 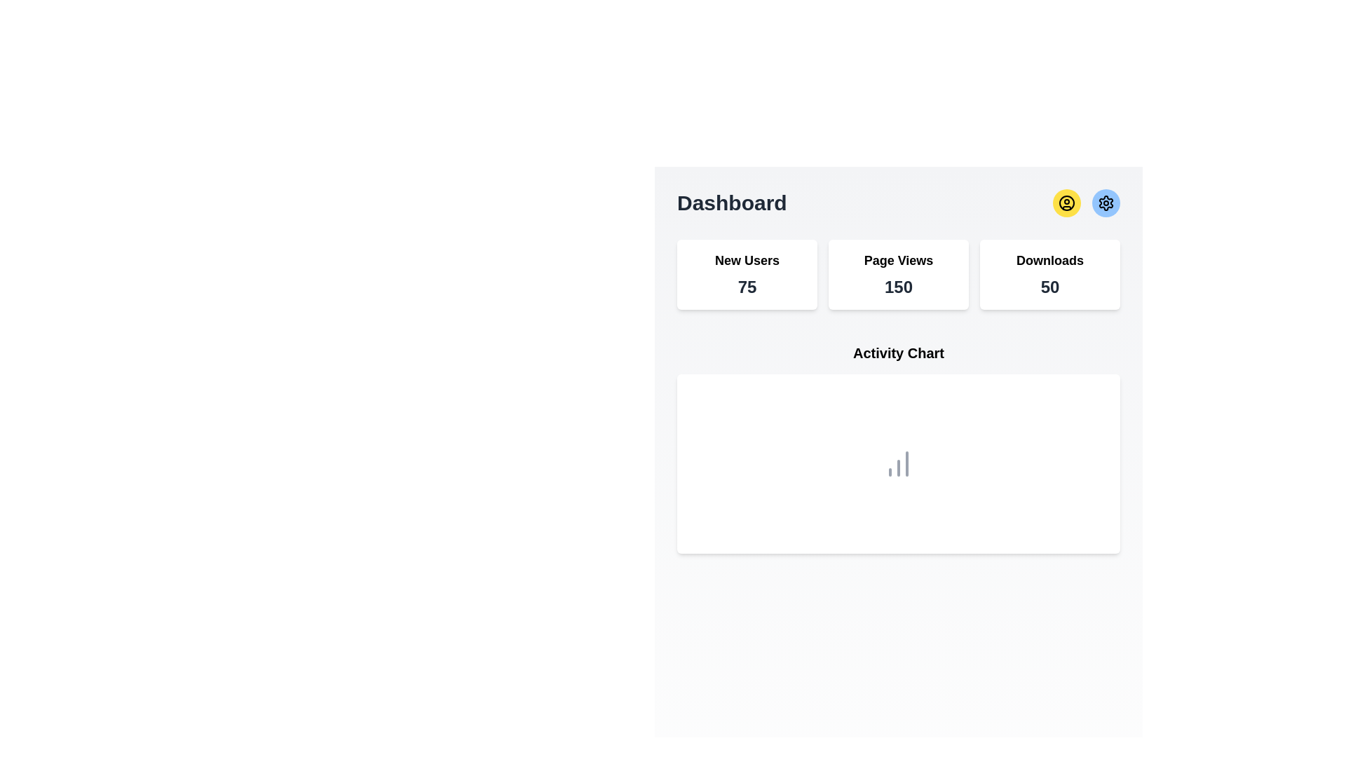 I want to click on the Statistic Card displaying 'Downloads' with the number '50' in bold, gray font, so click(x=1049, y=275).